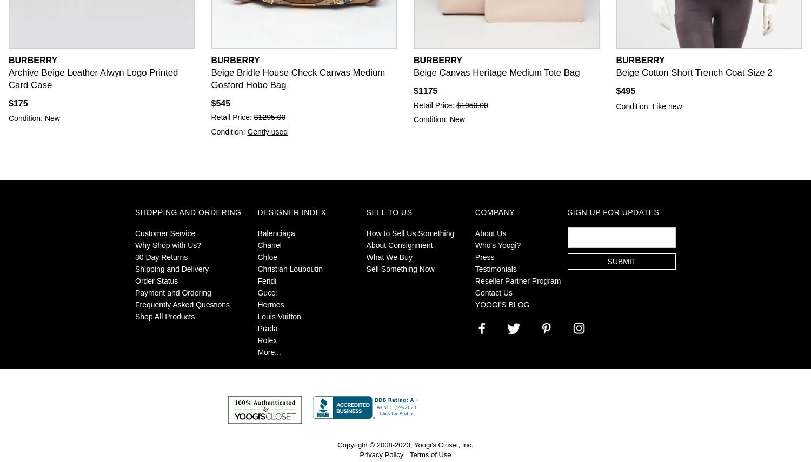 This screenshot has width=811, height=462. I want to click on 'Contact Us', so click(494, 292).